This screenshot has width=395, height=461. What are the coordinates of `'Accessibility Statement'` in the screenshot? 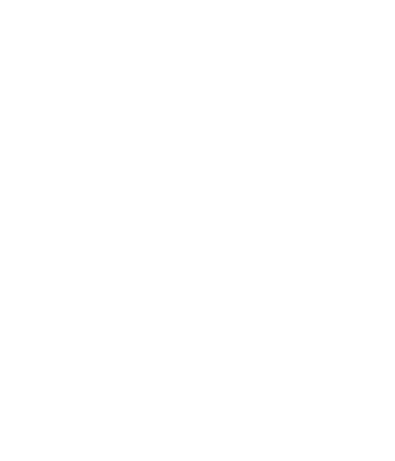 It's located at (197, 382).